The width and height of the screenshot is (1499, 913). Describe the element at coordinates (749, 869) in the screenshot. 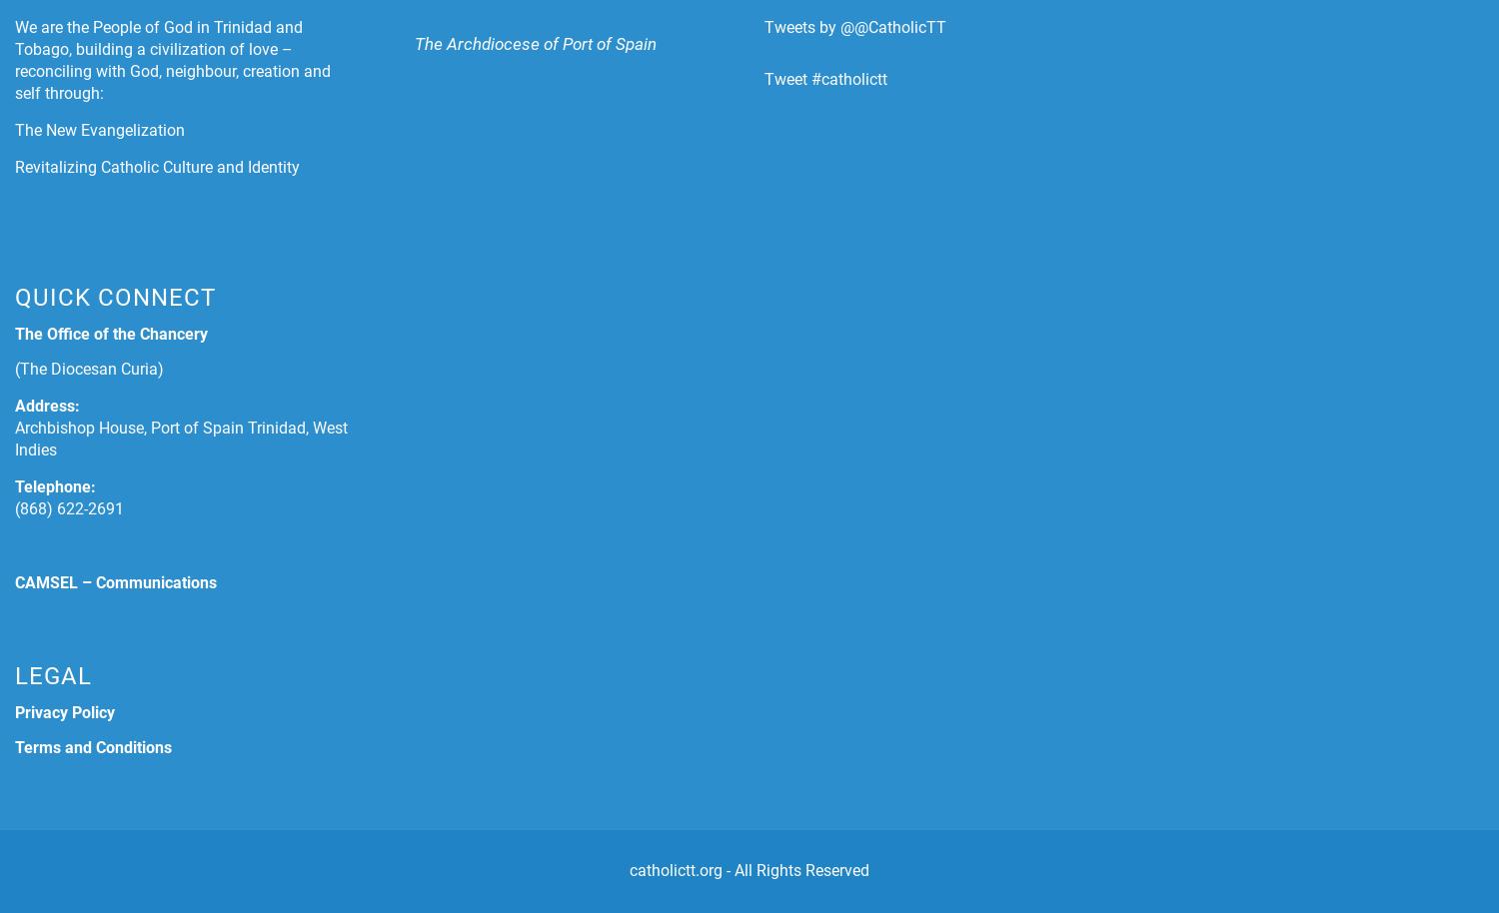

I see `'catholictt.org - All Rights Reserved'` at that location.